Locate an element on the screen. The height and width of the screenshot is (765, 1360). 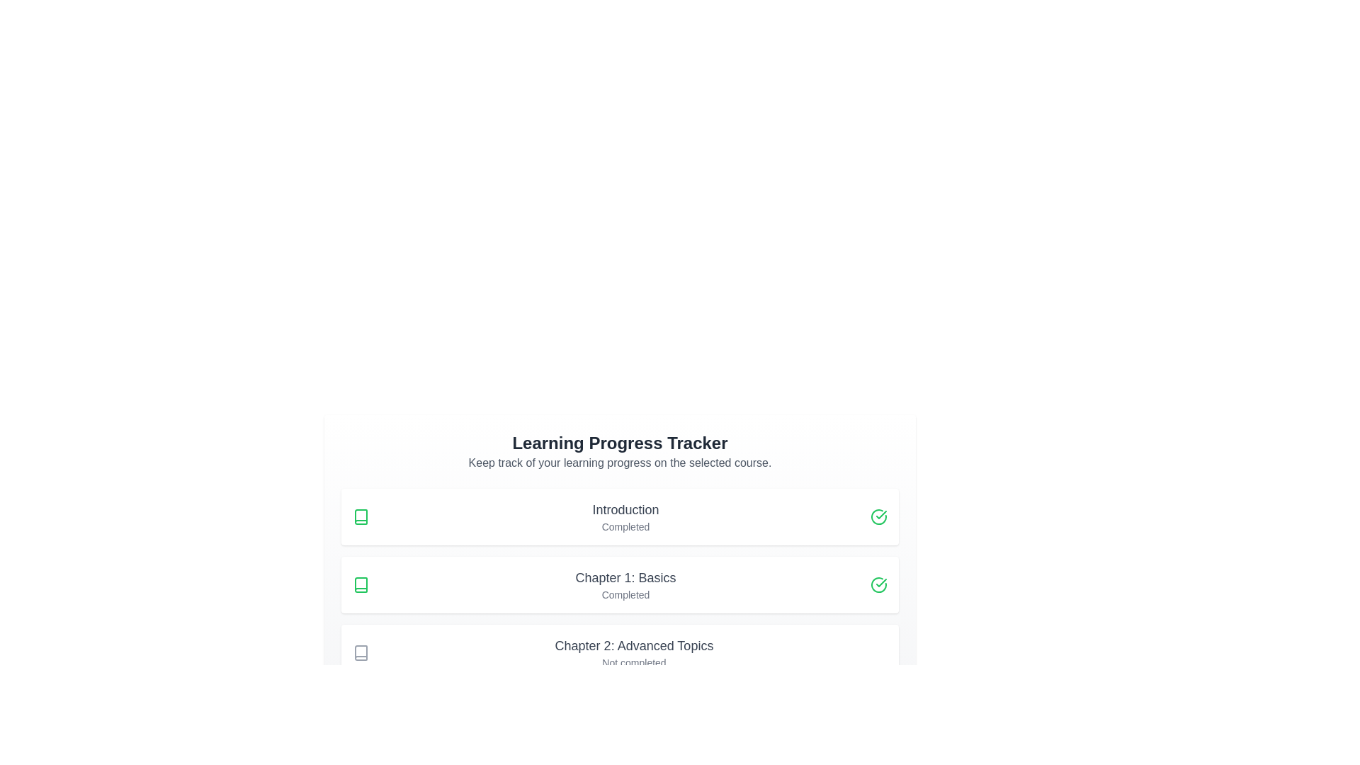
the progress status list item that shows the completion status of a specific section or chapter is located at coordinates (620, 618).